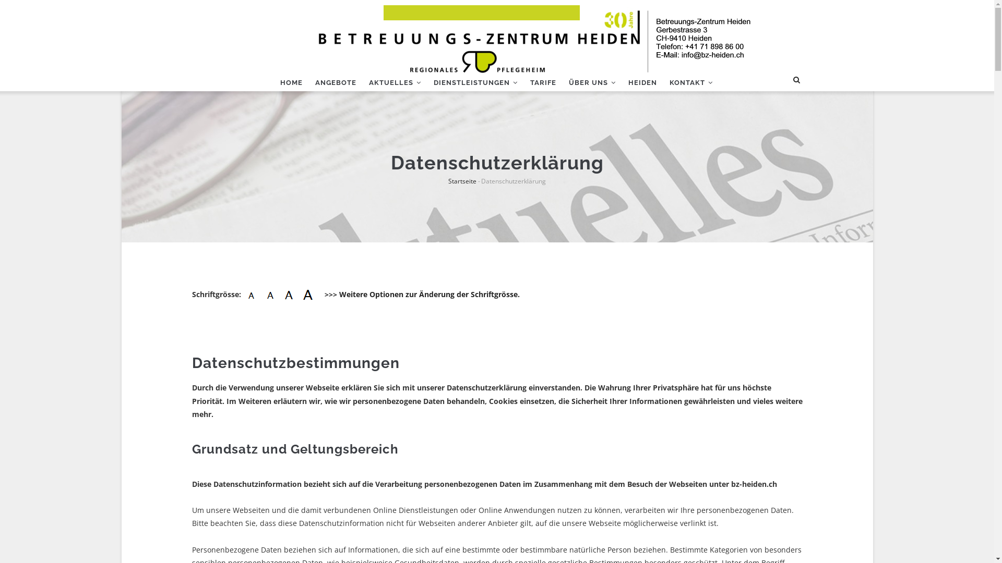 This screenshot has width=1002, height=563. Describe the element at coordinates (291, 82) in the screenshot. I see `'HOME'` at that location.